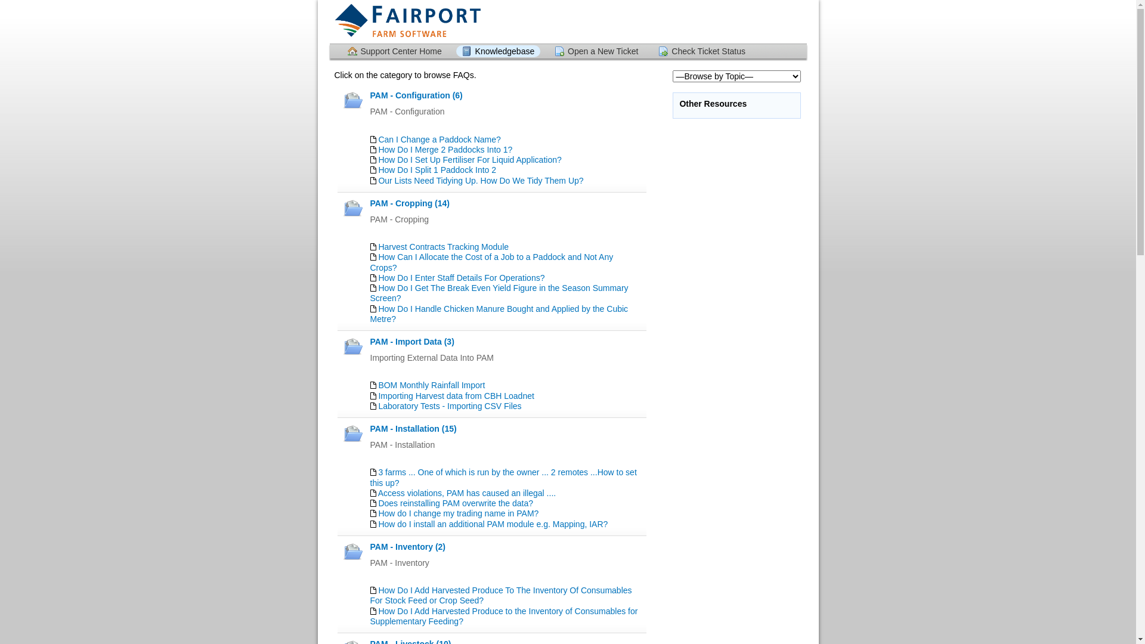 The height and width of the screenshot is (644, 1145). I want to click on 'Open a New Ticket', so click(596, 50).